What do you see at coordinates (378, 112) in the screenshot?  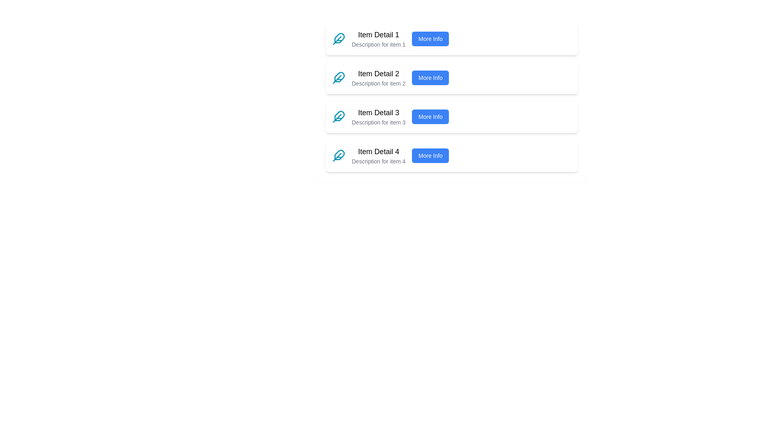 I see `text label 'Item Detail 3', which is a prominent black bold text indicating its significance and is part of a vertical list of items` at bounding box center [378, 112].